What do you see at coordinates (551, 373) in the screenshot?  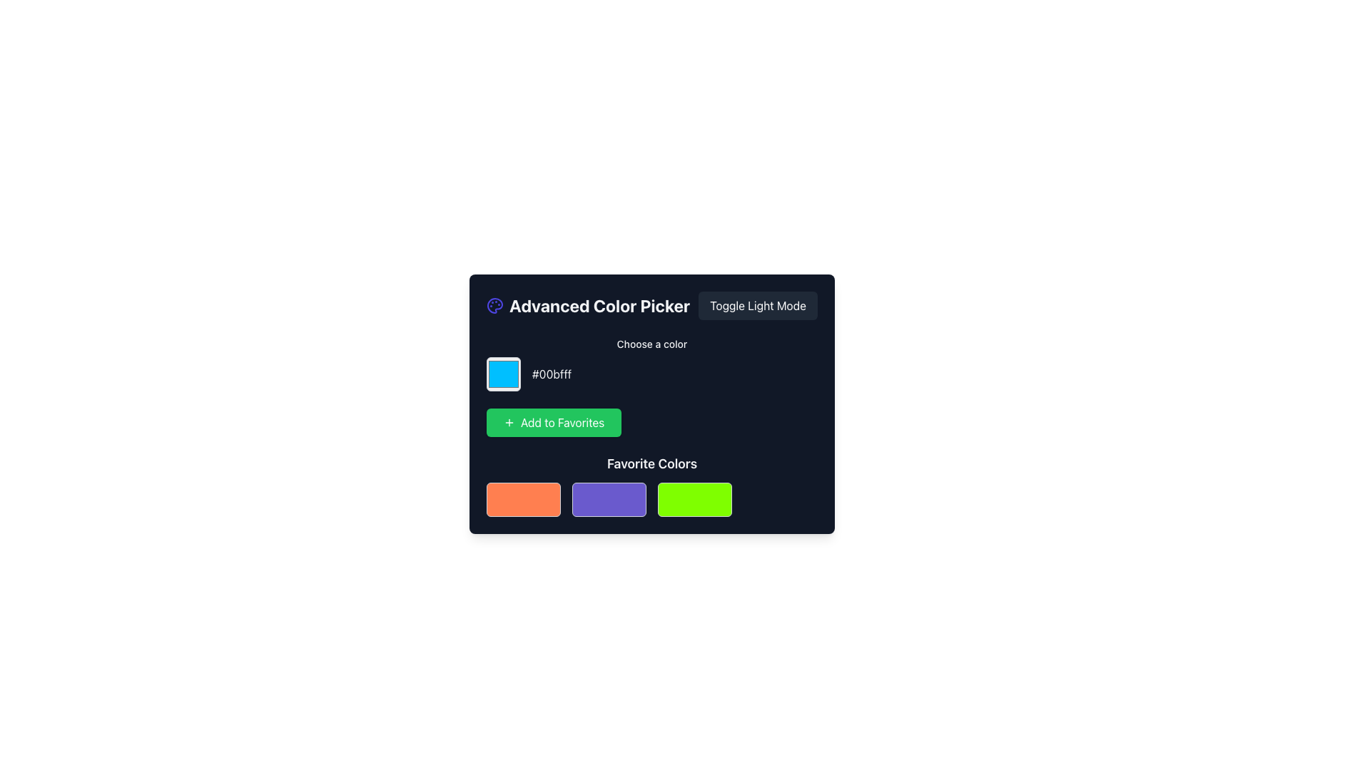 I see `the text label displaying the hexadecimal color code '#00bfff', which is styled in white text on a dark background and positioned to the right of a rectangular color preview box` at bounding box center [551, 373].